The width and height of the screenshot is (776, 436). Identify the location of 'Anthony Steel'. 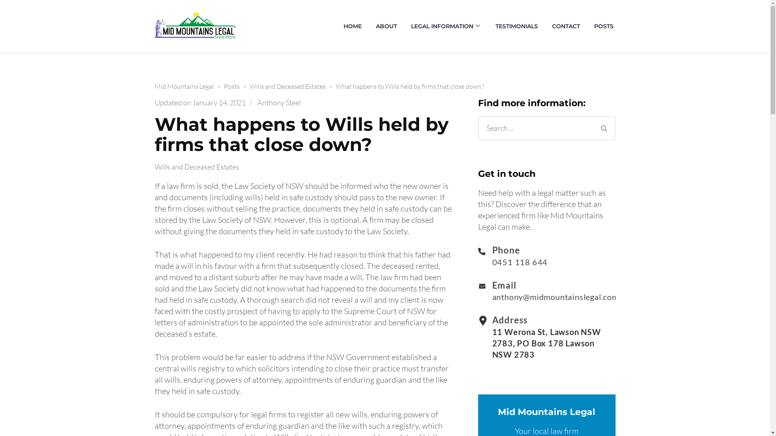
(256, 102).